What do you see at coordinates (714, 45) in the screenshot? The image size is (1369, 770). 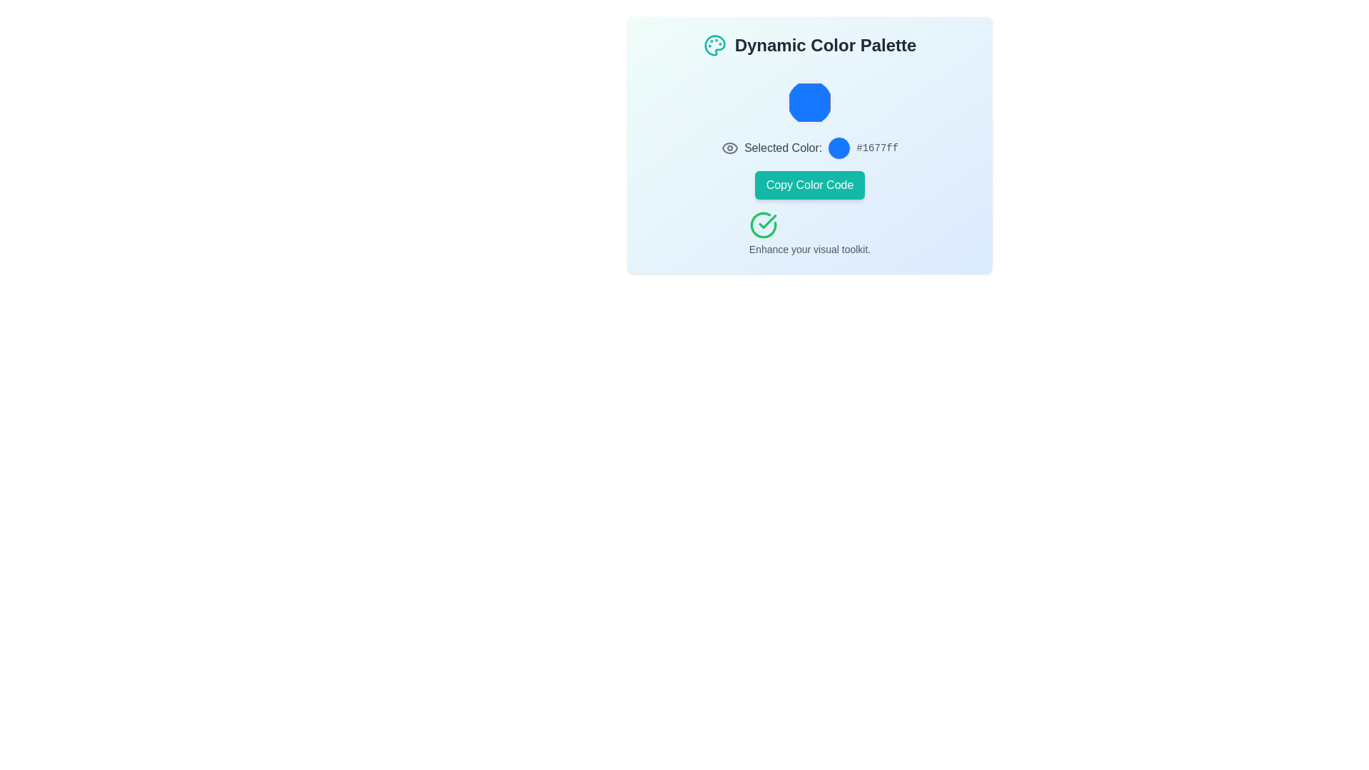 I see `the Decorative Icon, which is a teal palette icon located to the left of the header text 'Dynamic Color Palette'` at bounding box center [714, 45].